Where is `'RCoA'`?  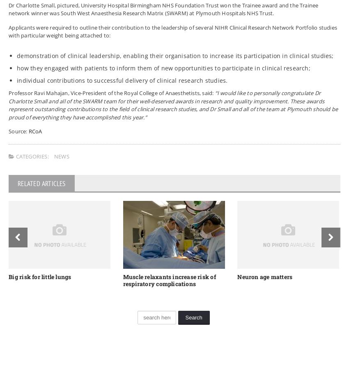 'RCoA' is located at coordinates (35, 131).